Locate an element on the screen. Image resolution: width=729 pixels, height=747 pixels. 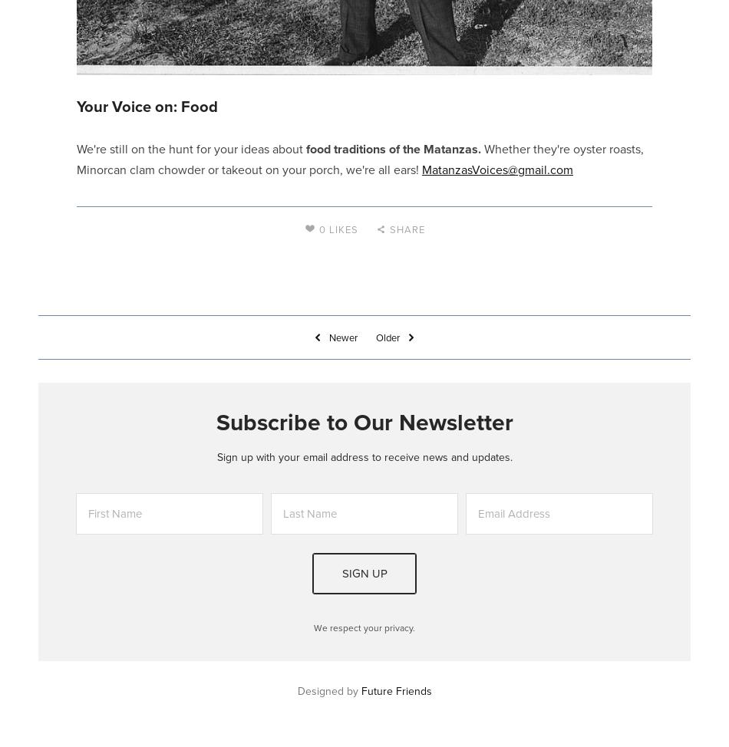
'Your Voice on: Food' is located at coordinates (147, 105).